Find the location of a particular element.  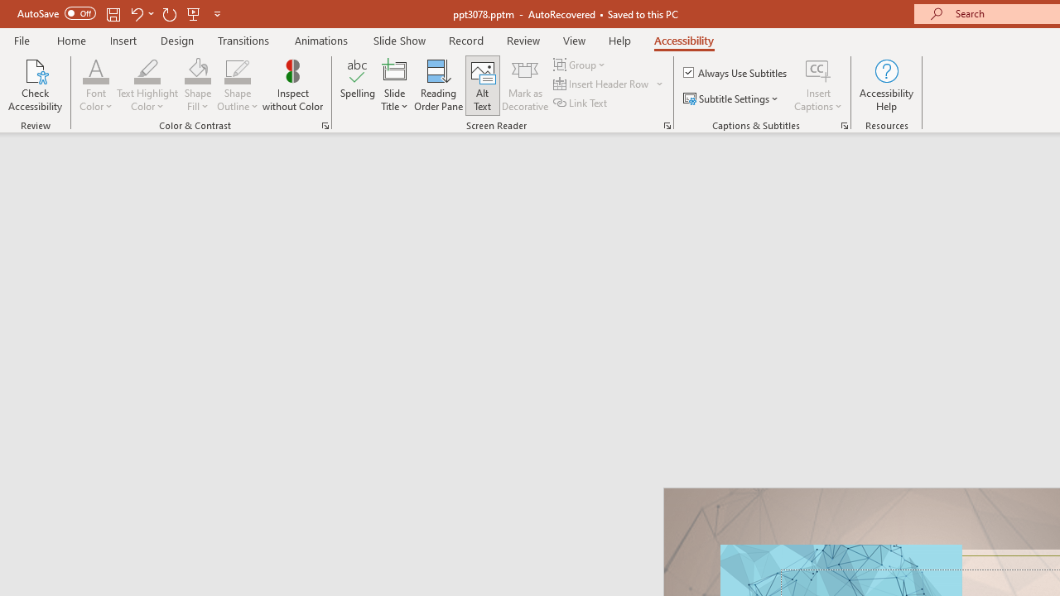

'Screen Reader' is located at coordinates (667, 124).